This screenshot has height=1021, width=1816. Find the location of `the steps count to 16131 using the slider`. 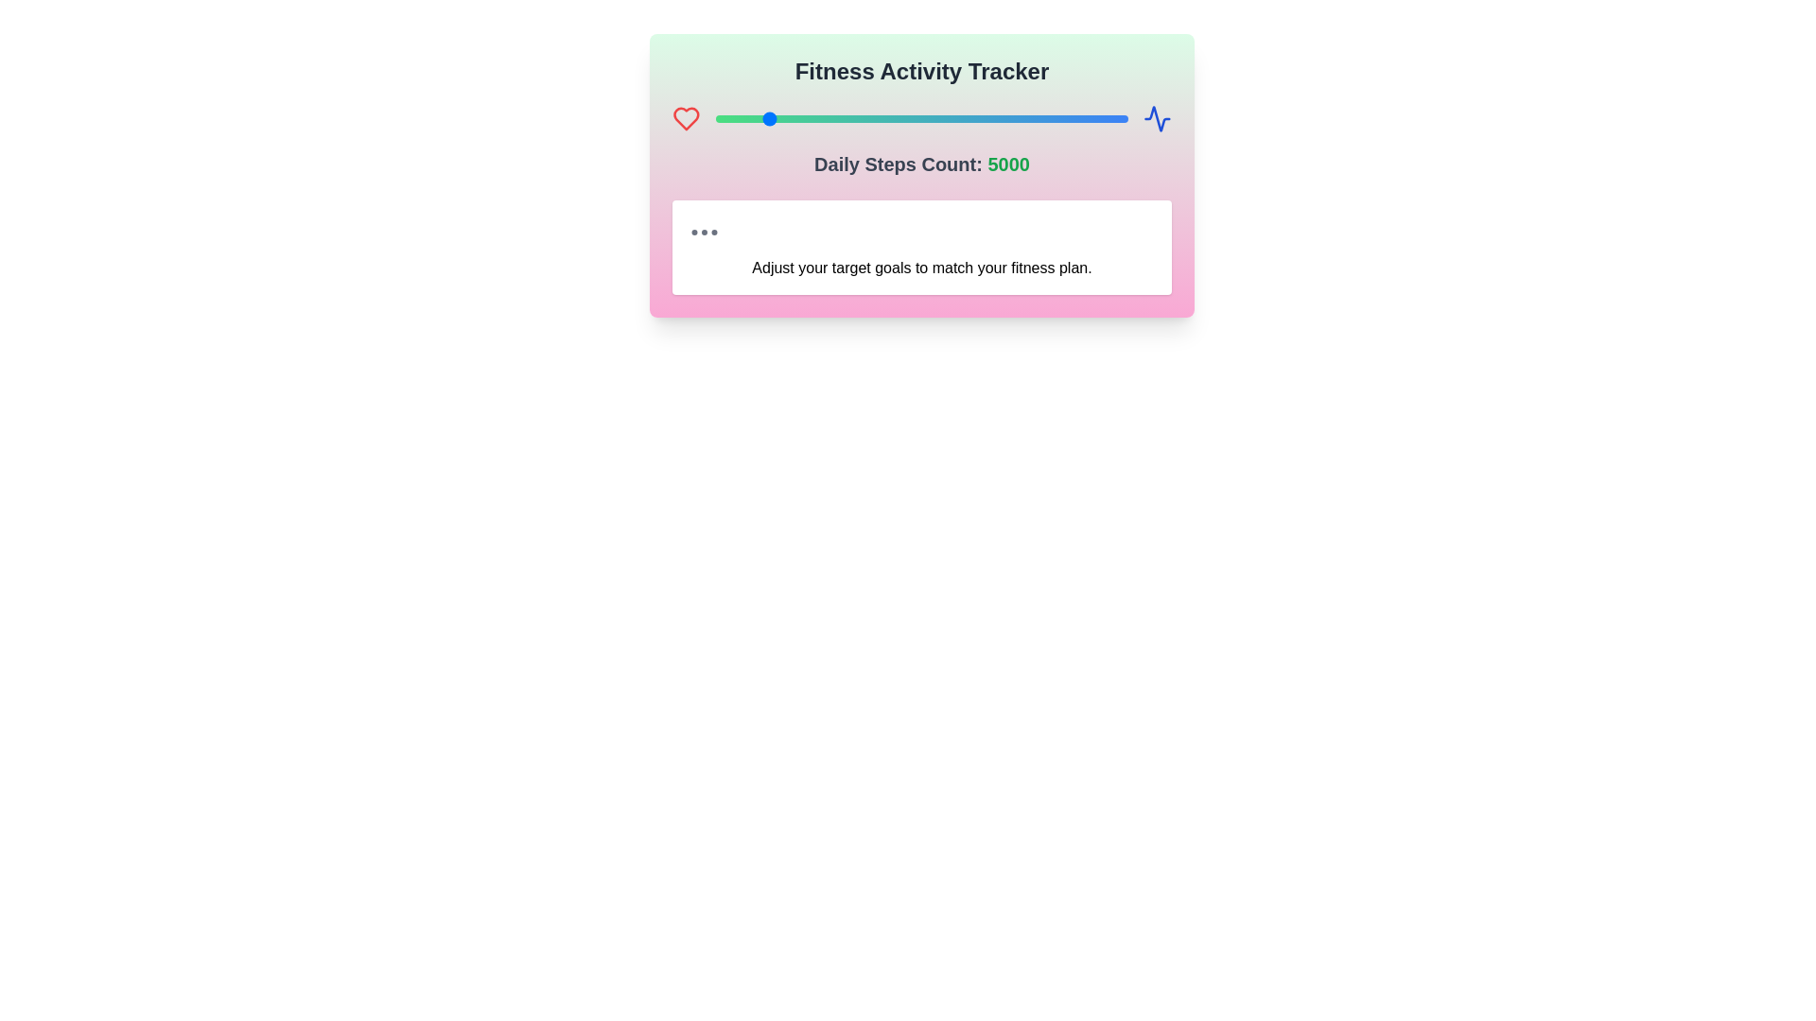

the steps count to 16131 using the slider is located at coordinates (1033, 119).